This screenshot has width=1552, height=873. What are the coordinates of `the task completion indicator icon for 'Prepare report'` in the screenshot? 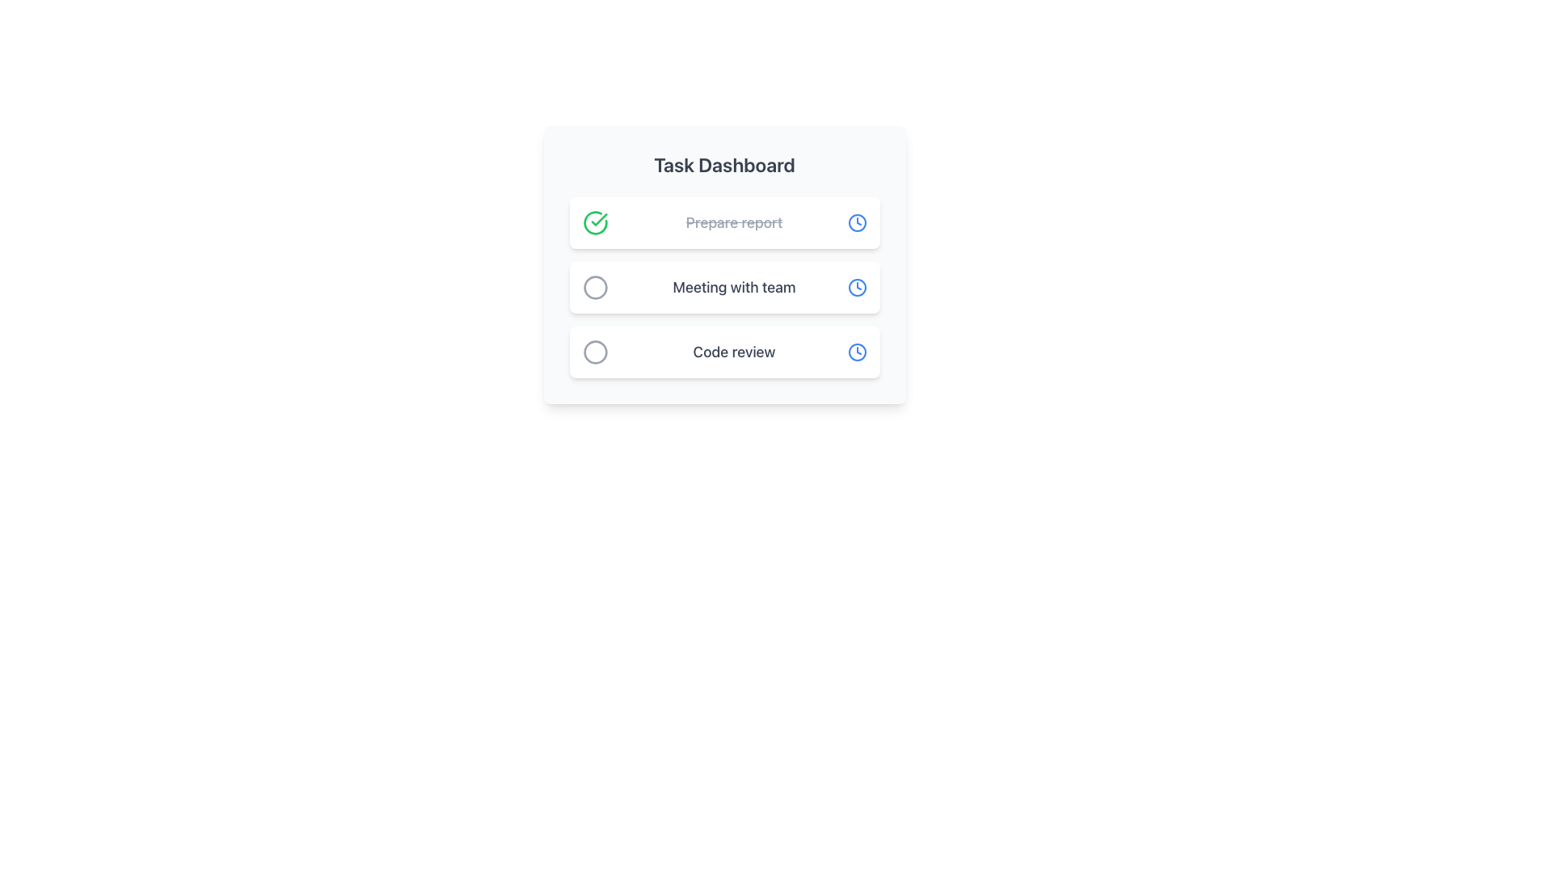 It's located at (594, 223).